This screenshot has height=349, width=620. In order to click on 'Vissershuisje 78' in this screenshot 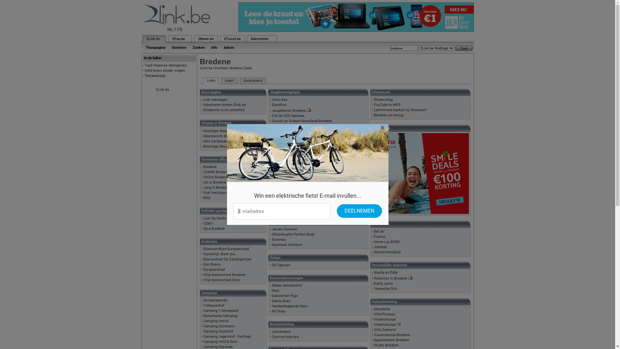, I will do `click(387, 324)`.